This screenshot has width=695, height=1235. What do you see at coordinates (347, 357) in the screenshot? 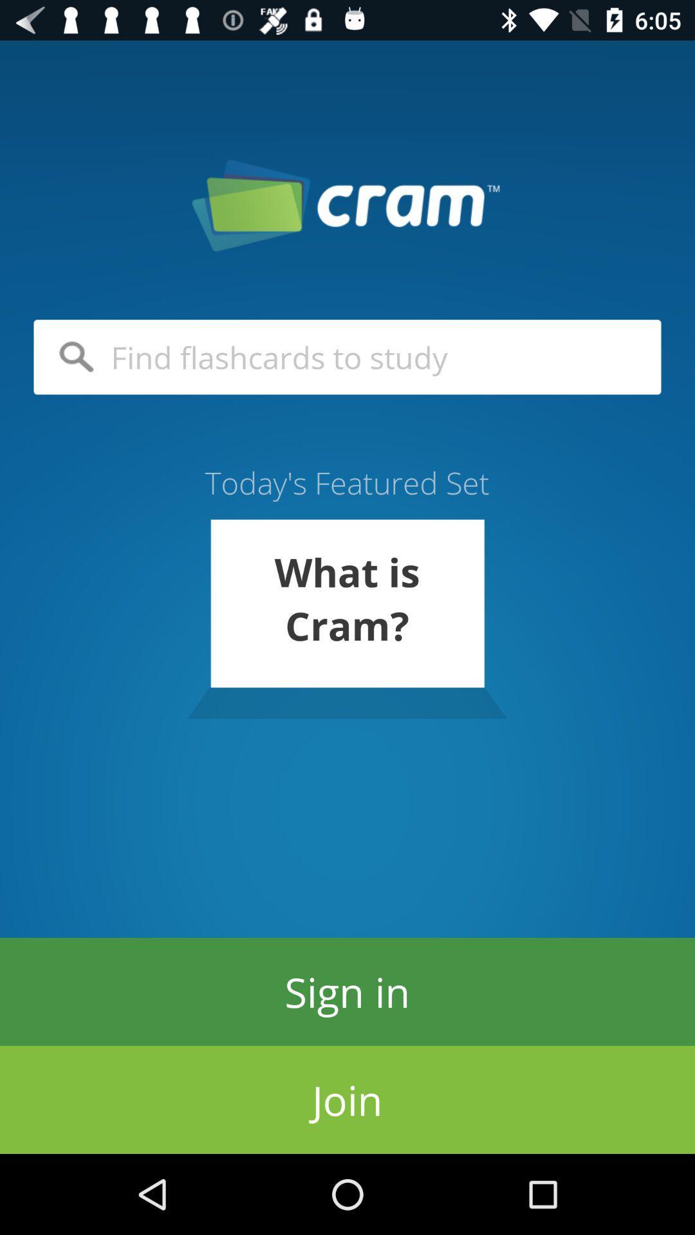
I see `the find flashcards to` at bounding box center [347, 357].